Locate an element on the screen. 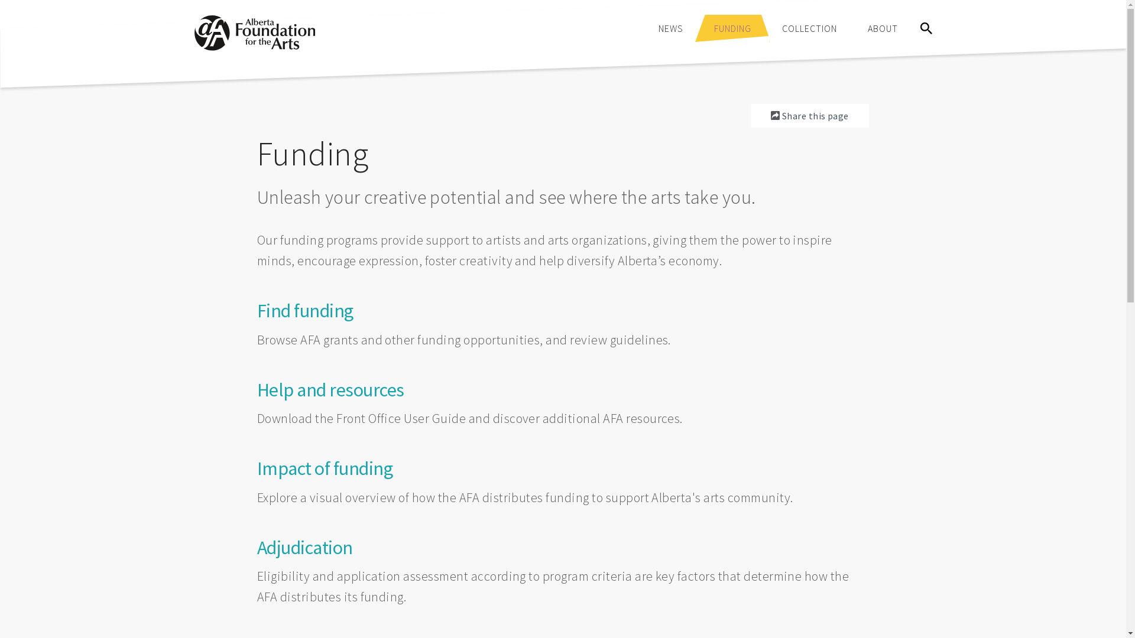  'Help and resources' is located at coordinates (330, 389).